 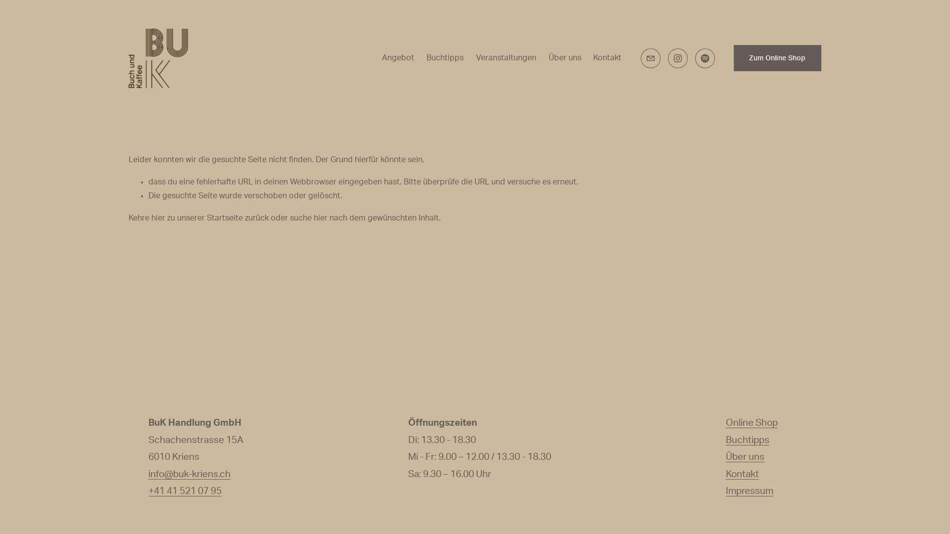 I want to click on 'Angebot', so click(x=398, y=58).